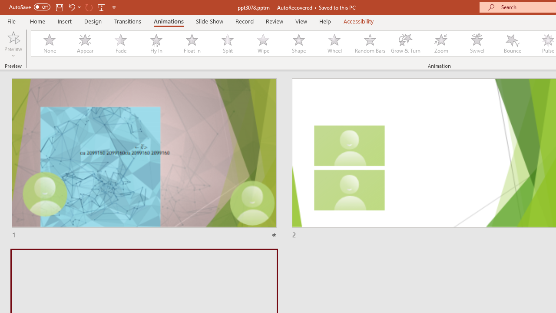  Describe the element at coordinates (156, 43) in the screenshot. I see `'Fly In'` at that location.